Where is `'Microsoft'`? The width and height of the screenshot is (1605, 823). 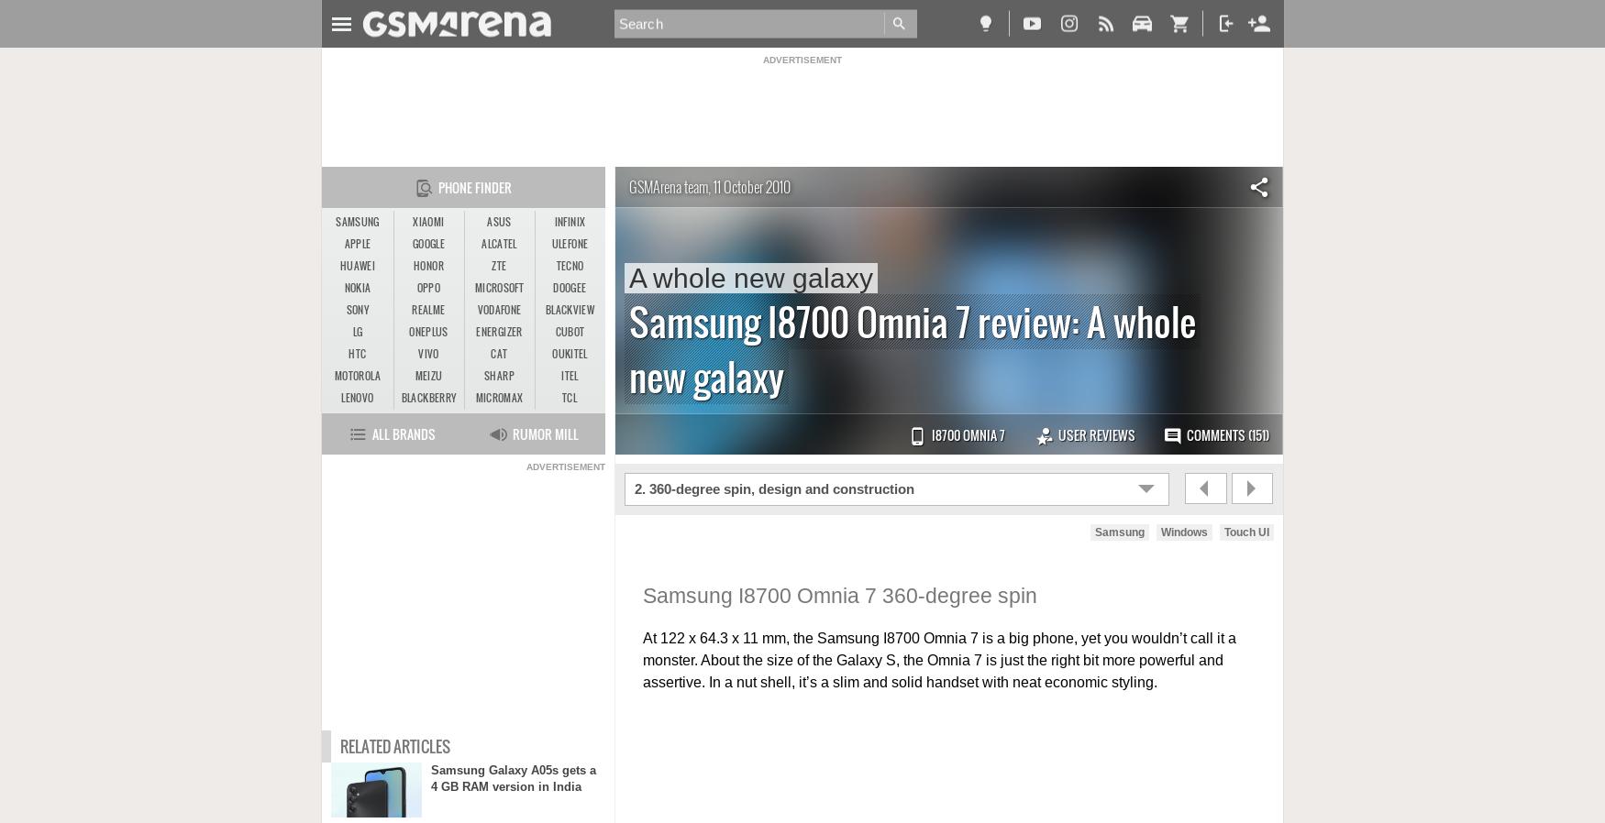
'Microsoft' is located at coordinates (498, 288).